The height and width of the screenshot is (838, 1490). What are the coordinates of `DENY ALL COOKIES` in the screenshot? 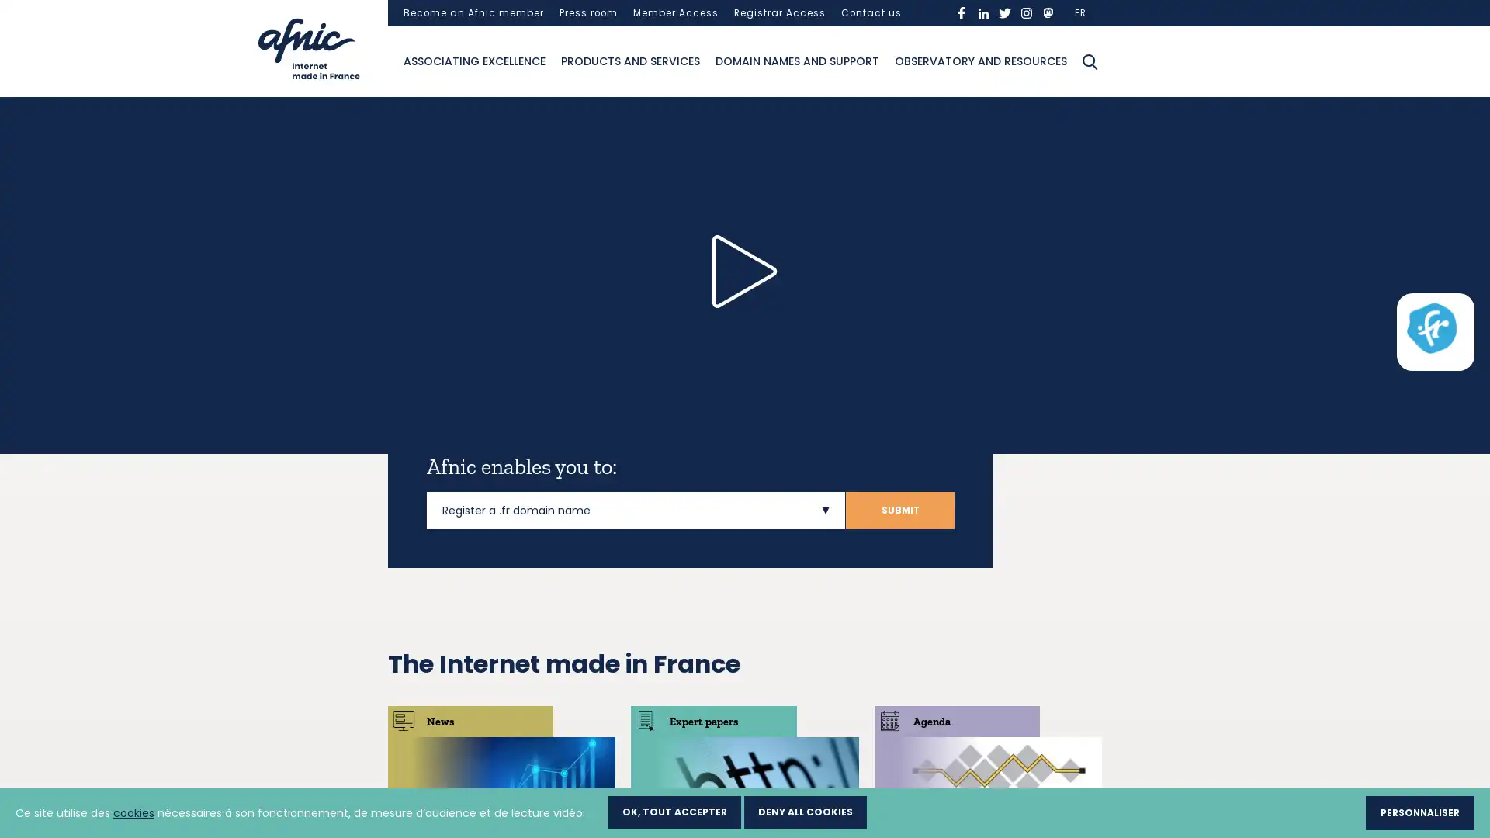 It's located at (805, 810).